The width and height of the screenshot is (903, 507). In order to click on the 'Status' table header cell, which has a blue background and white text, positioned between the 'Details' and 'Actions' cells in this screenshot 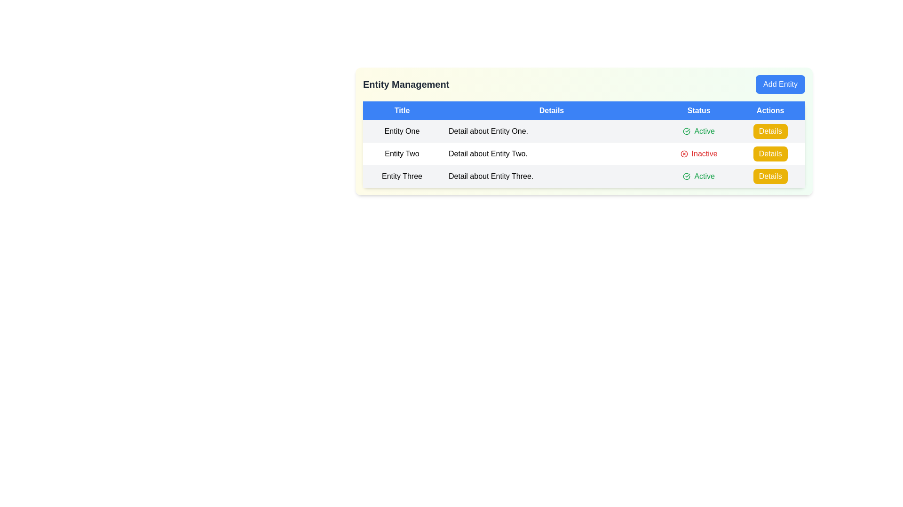, I will do `click(699, 110)`.